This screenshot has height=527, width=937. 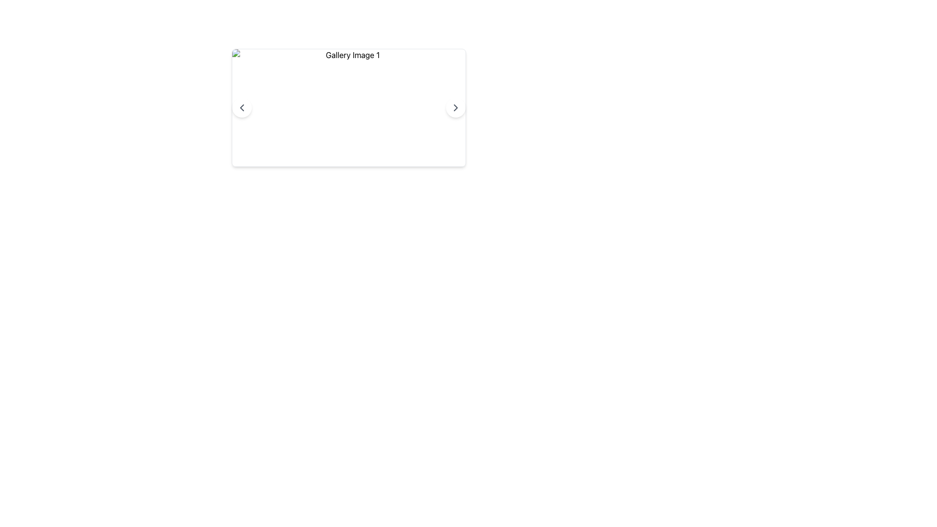 What do you see at coordinates (360, 175) in the screenshot?
I see `the third circular indicator in the gallery or carousel located at the center-bottom of the interface` at bounding box center [360, 175].